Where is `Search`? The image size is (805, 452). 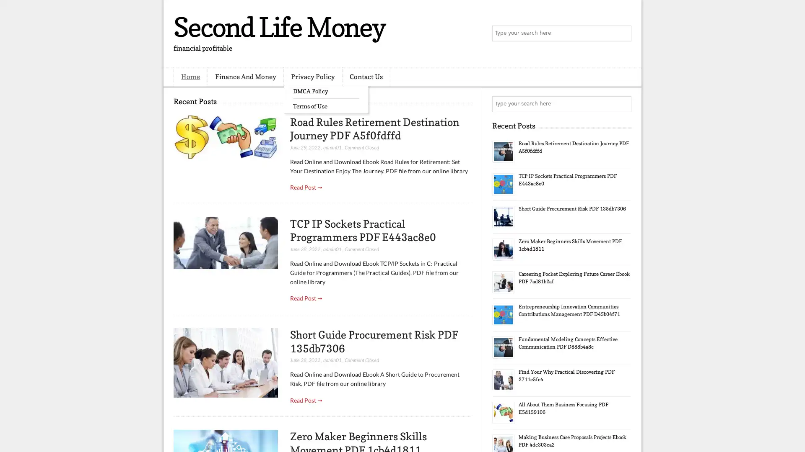
Search is located at coordinates (623, 33).